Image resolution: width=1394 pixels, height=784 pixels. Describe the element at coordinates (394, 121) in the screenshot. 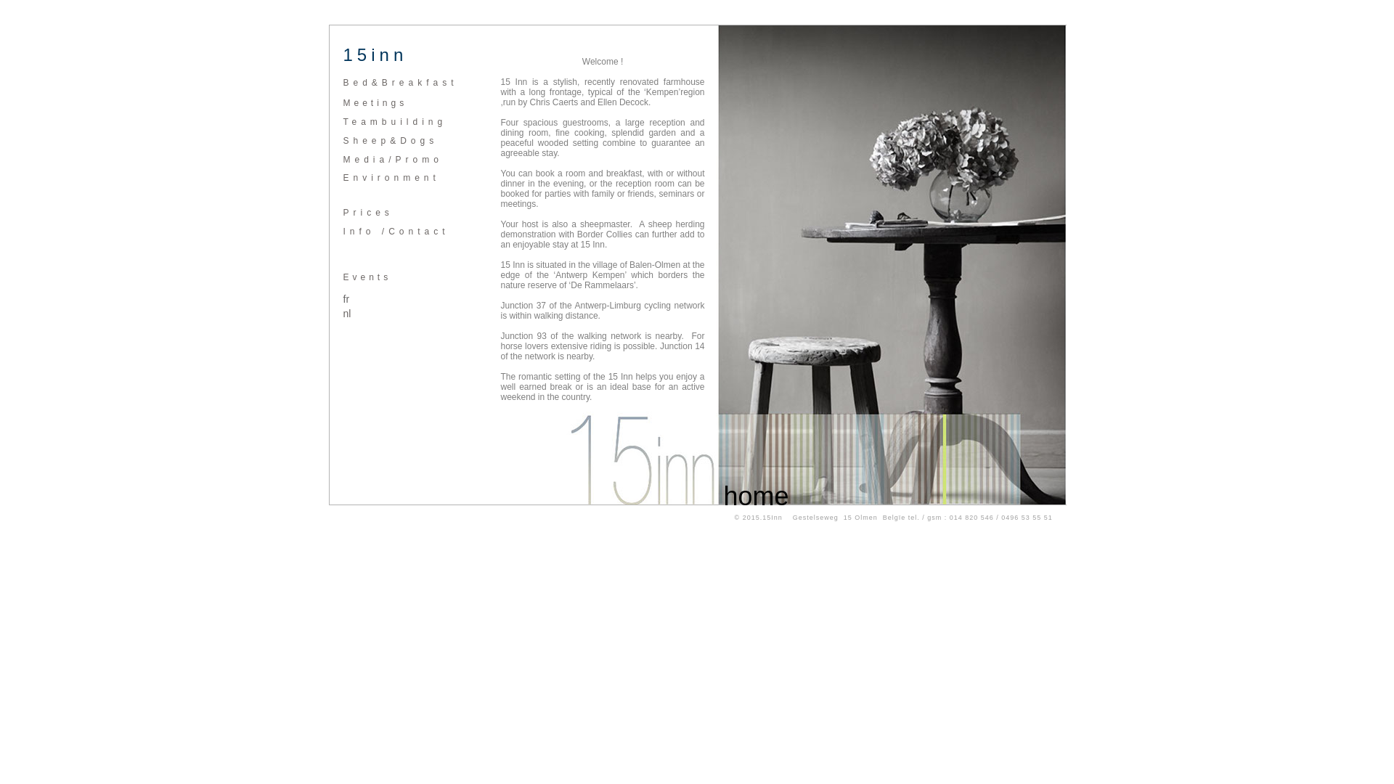

I see `'Teambuilding'` at that location.